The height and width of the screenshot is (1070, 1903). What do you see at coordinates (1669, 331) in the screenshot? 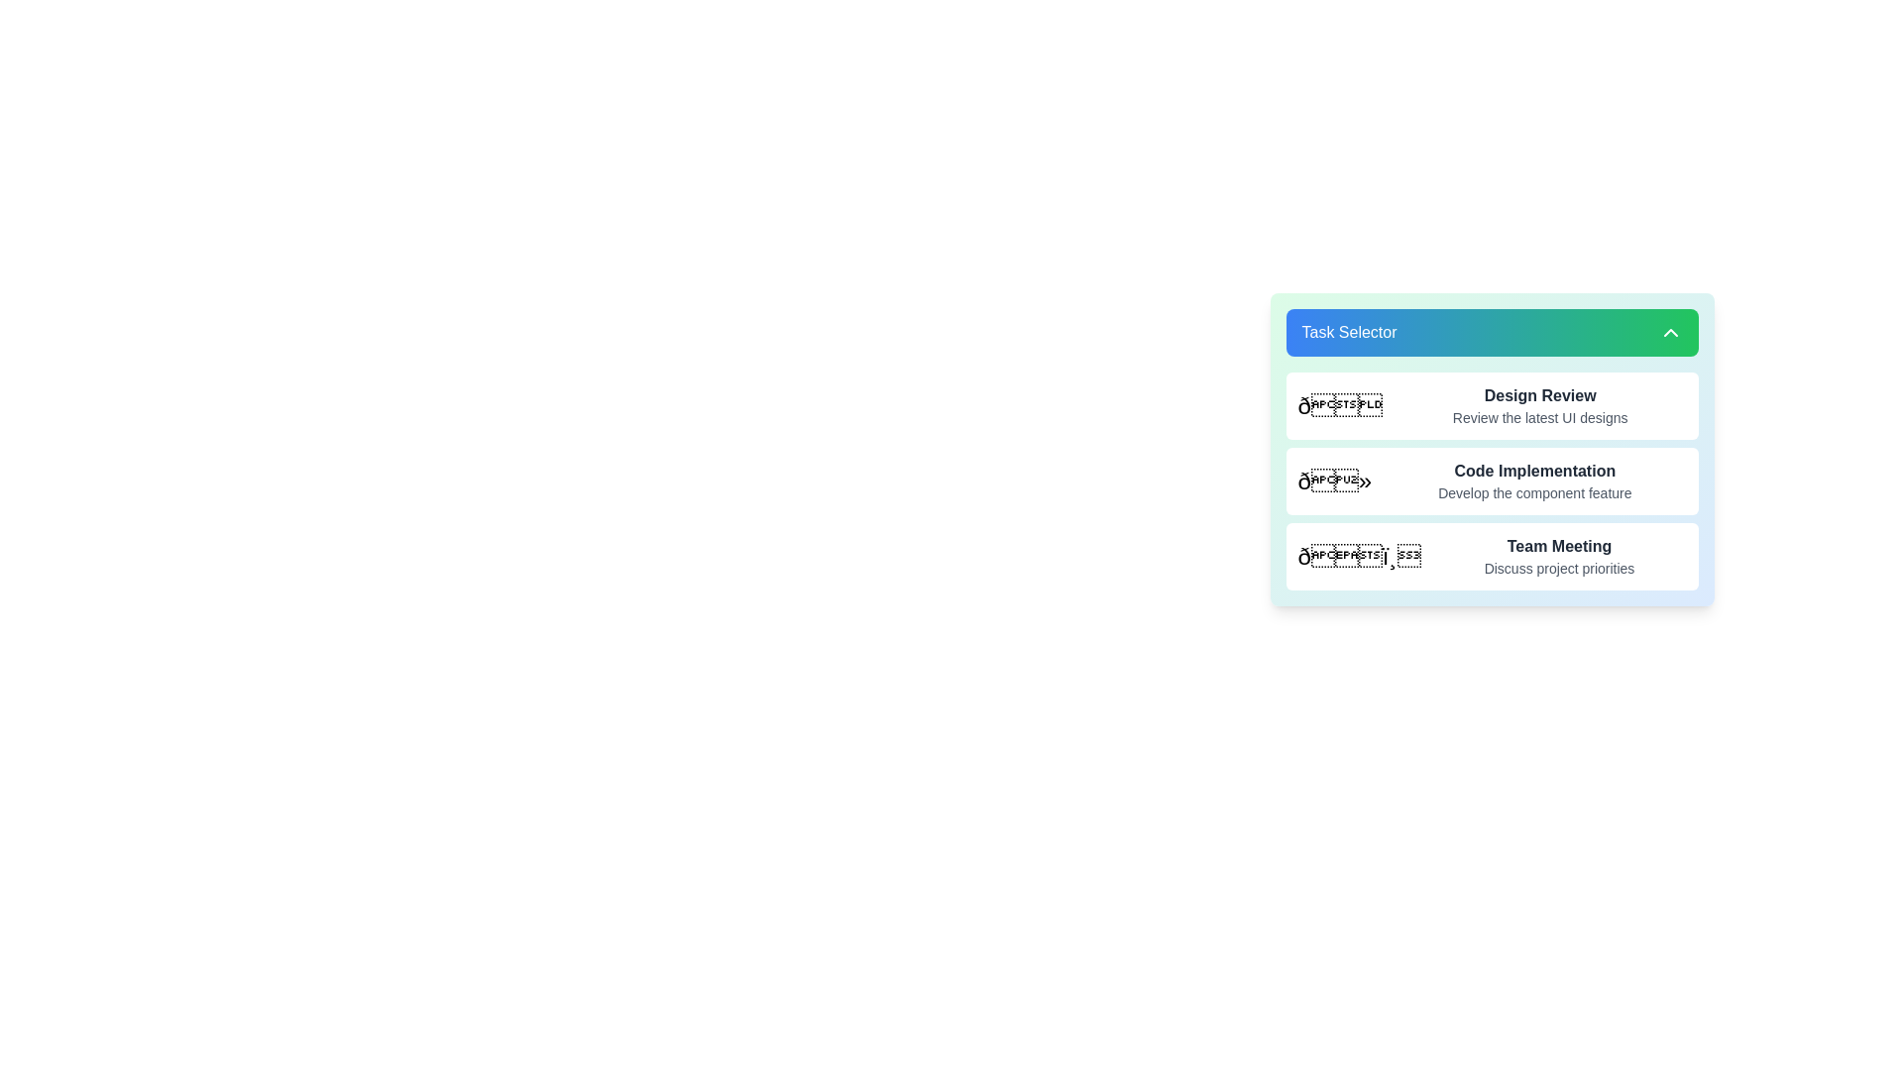
I see `the upward-pointing chevron icon with a white outline on a green background located at the far-right end of the 'Task Selector' header section` at bounding box center [1669, 331].